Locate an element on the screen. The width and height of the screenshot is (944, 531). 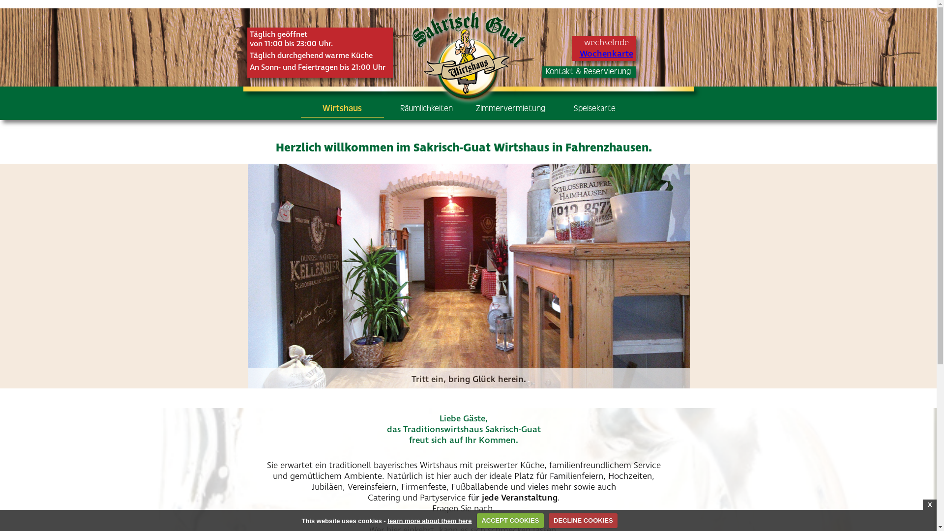
'Kontakt & Reservierung' is located at coordinates (588, 71).